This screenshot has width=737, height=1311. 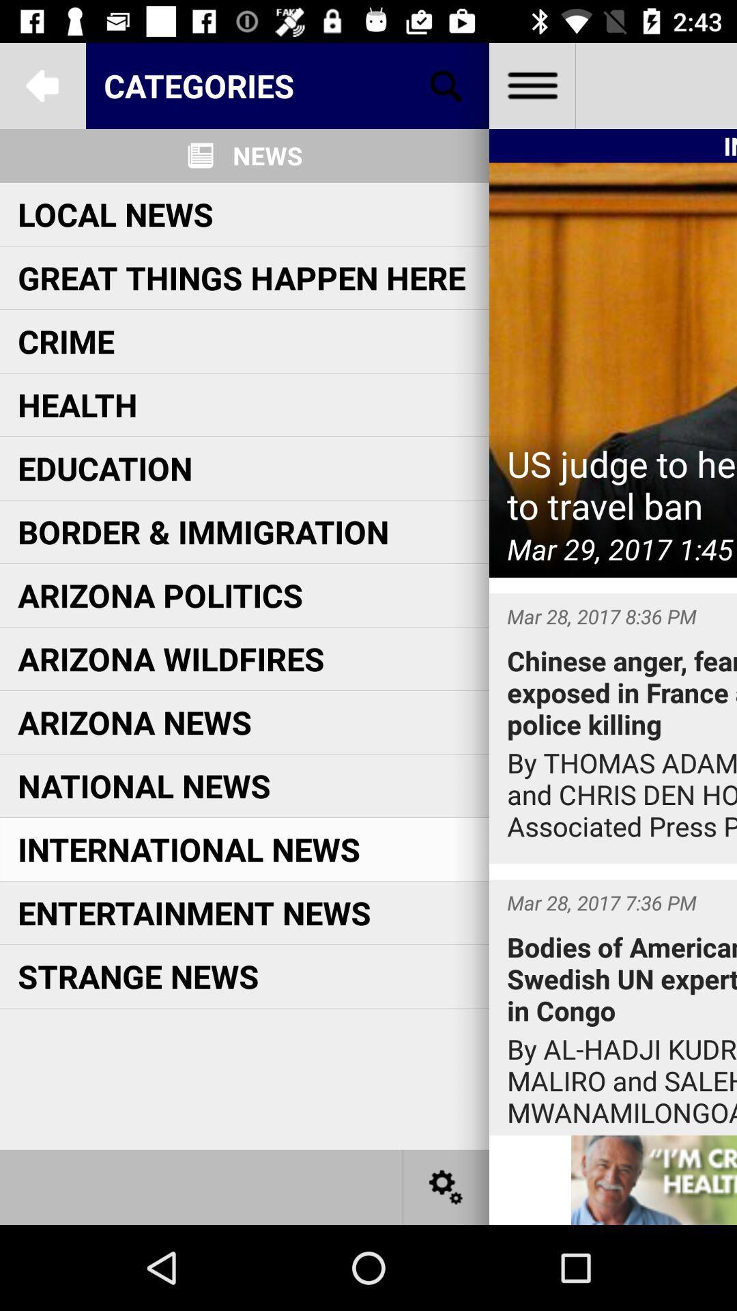 I want to click on the settings icon, so click(x=446, y=1186).